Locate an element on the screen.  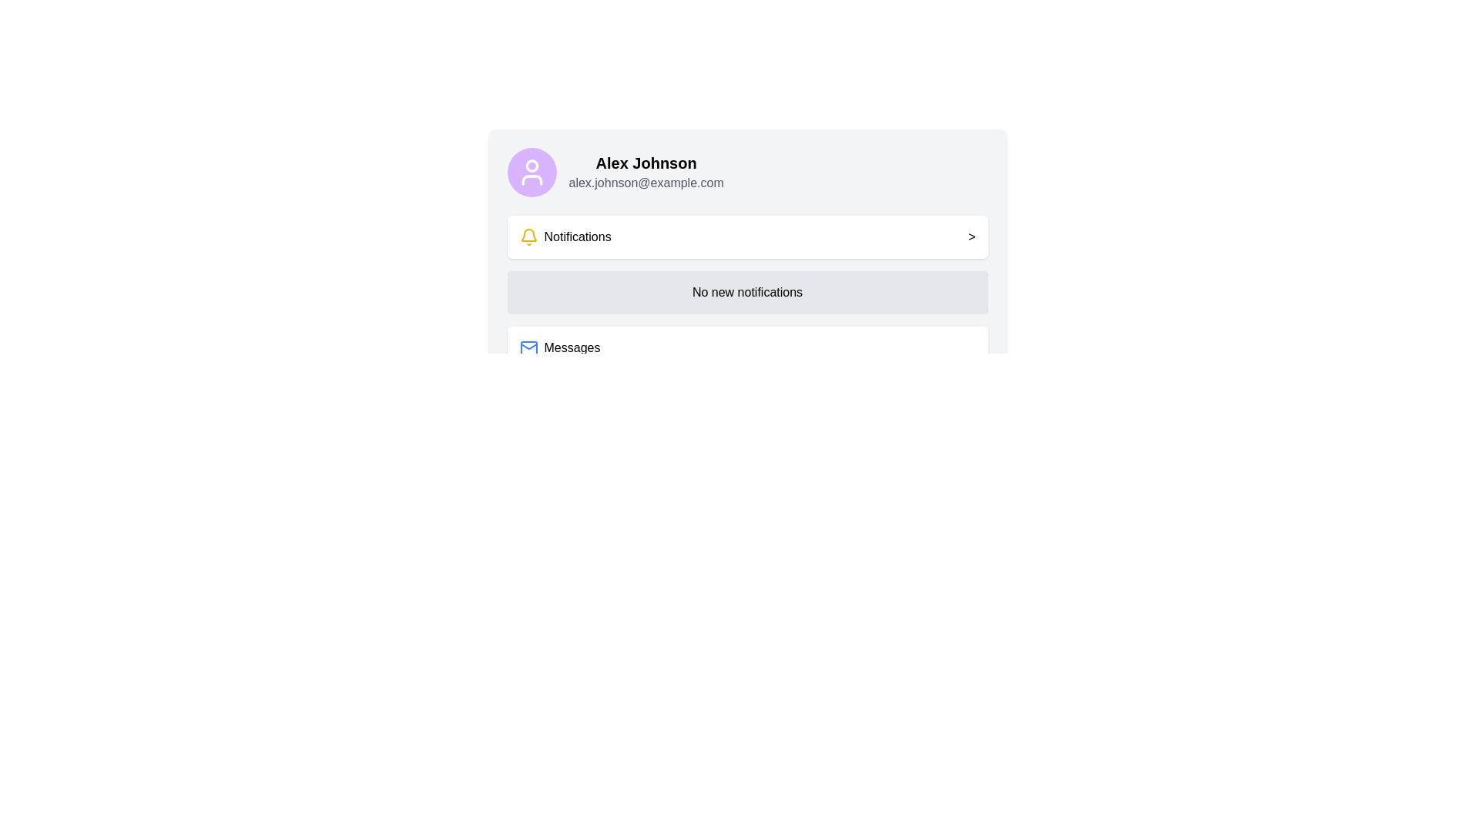
the non-interactive label displaying the email address associated with the user Alex Johnson, located directly below the name 'Alex Johnson' and to the right of the circular avatar icon is located at coordinates (646, 183).